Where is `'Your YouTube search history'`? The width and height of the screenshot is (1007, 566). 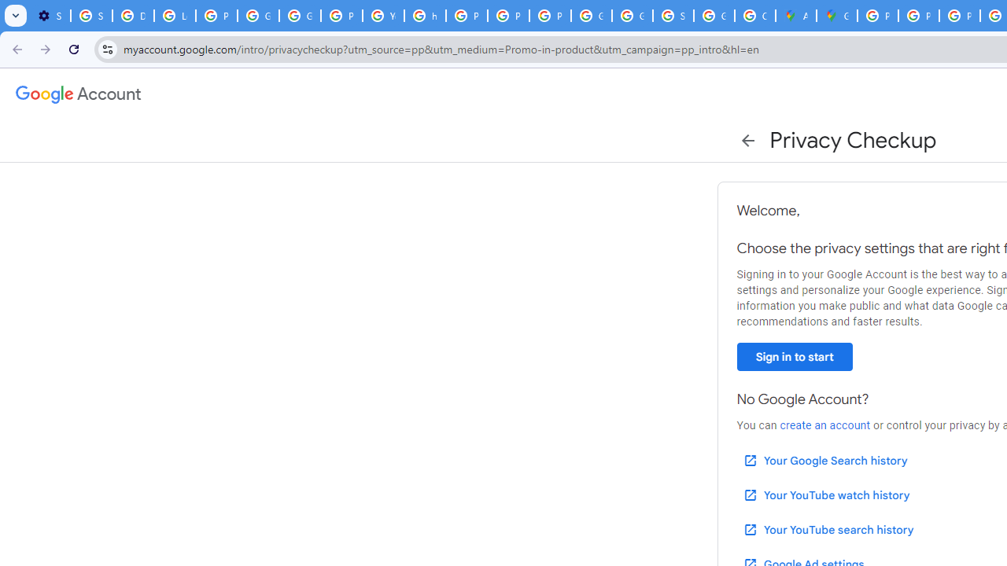 'Your YouTube search history' is located at coordinates (827, 529).